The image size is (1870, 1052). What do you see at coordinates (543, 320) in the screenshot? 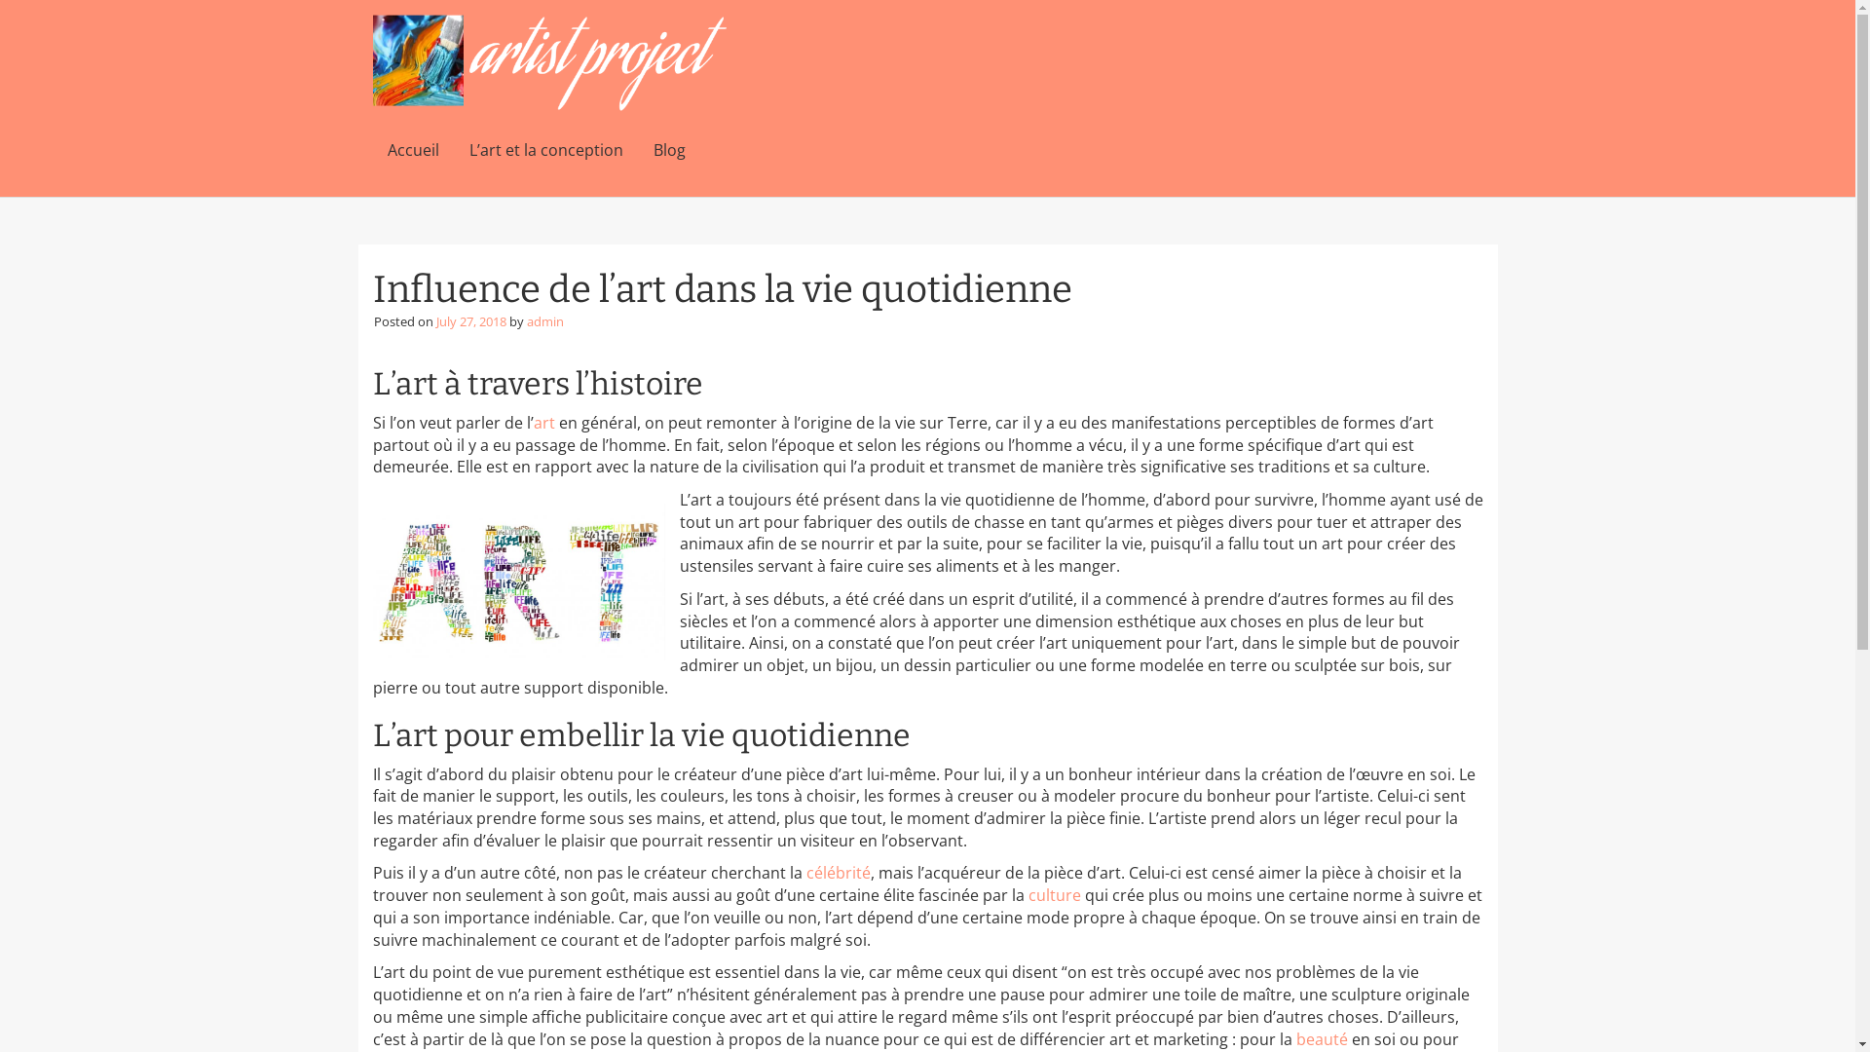
I see `'admin'` at bounding box center [543, 320].